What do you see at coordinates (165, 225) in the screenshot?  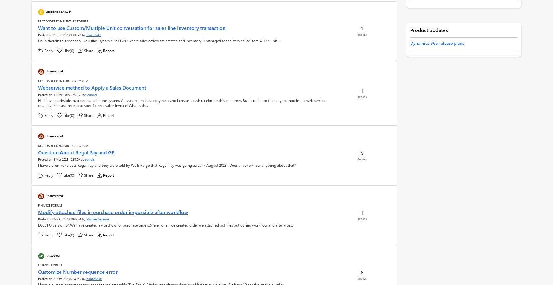 I see `'D365 FO version 34.We have created a workflow for purchase orders.Since, when we created order we attached pdf files but during workflow and after wor...'` at bounding box center [165, 225].